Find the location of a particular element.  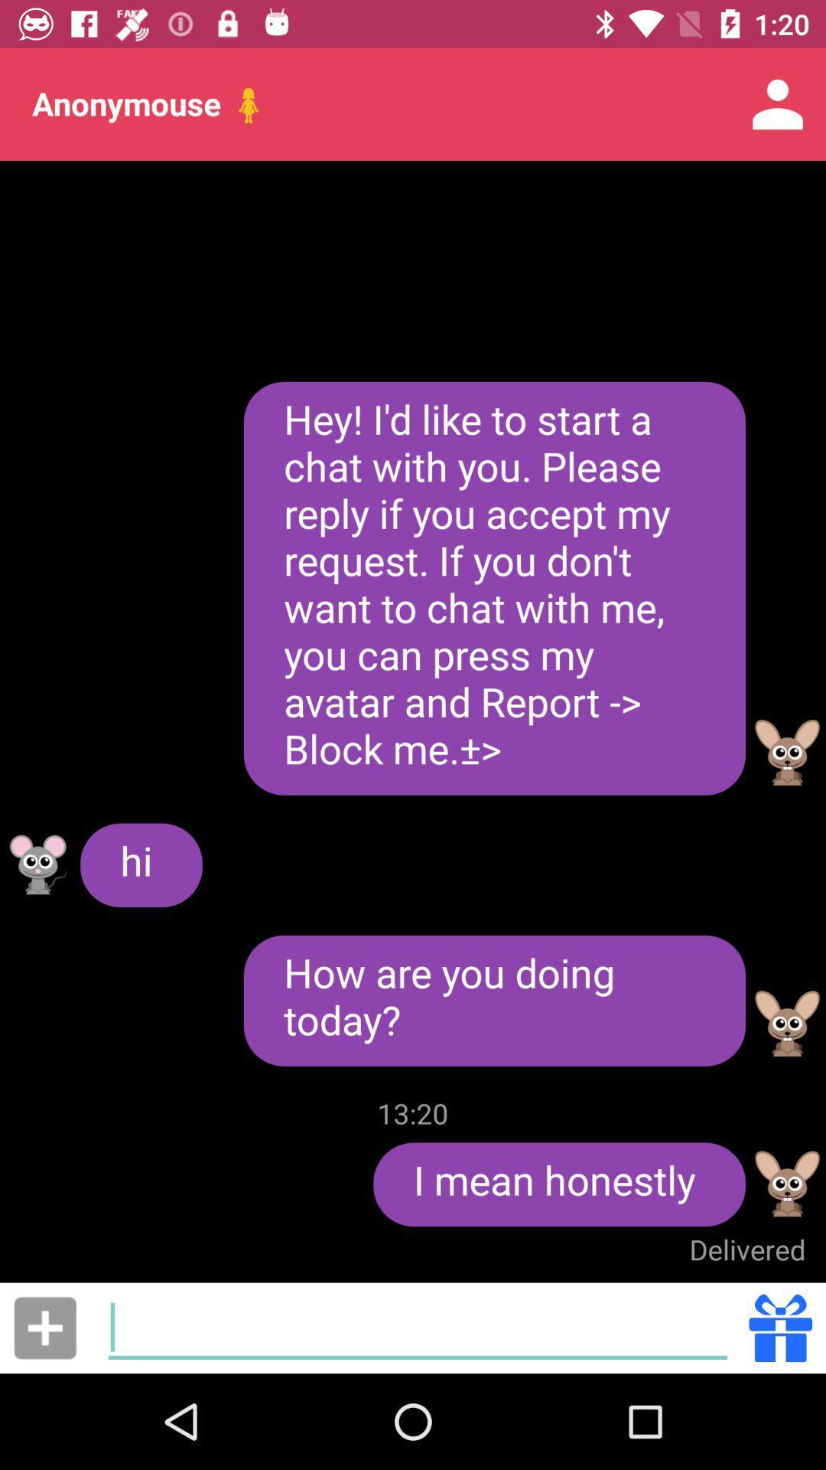

person is located at coordinates (44, 1327).